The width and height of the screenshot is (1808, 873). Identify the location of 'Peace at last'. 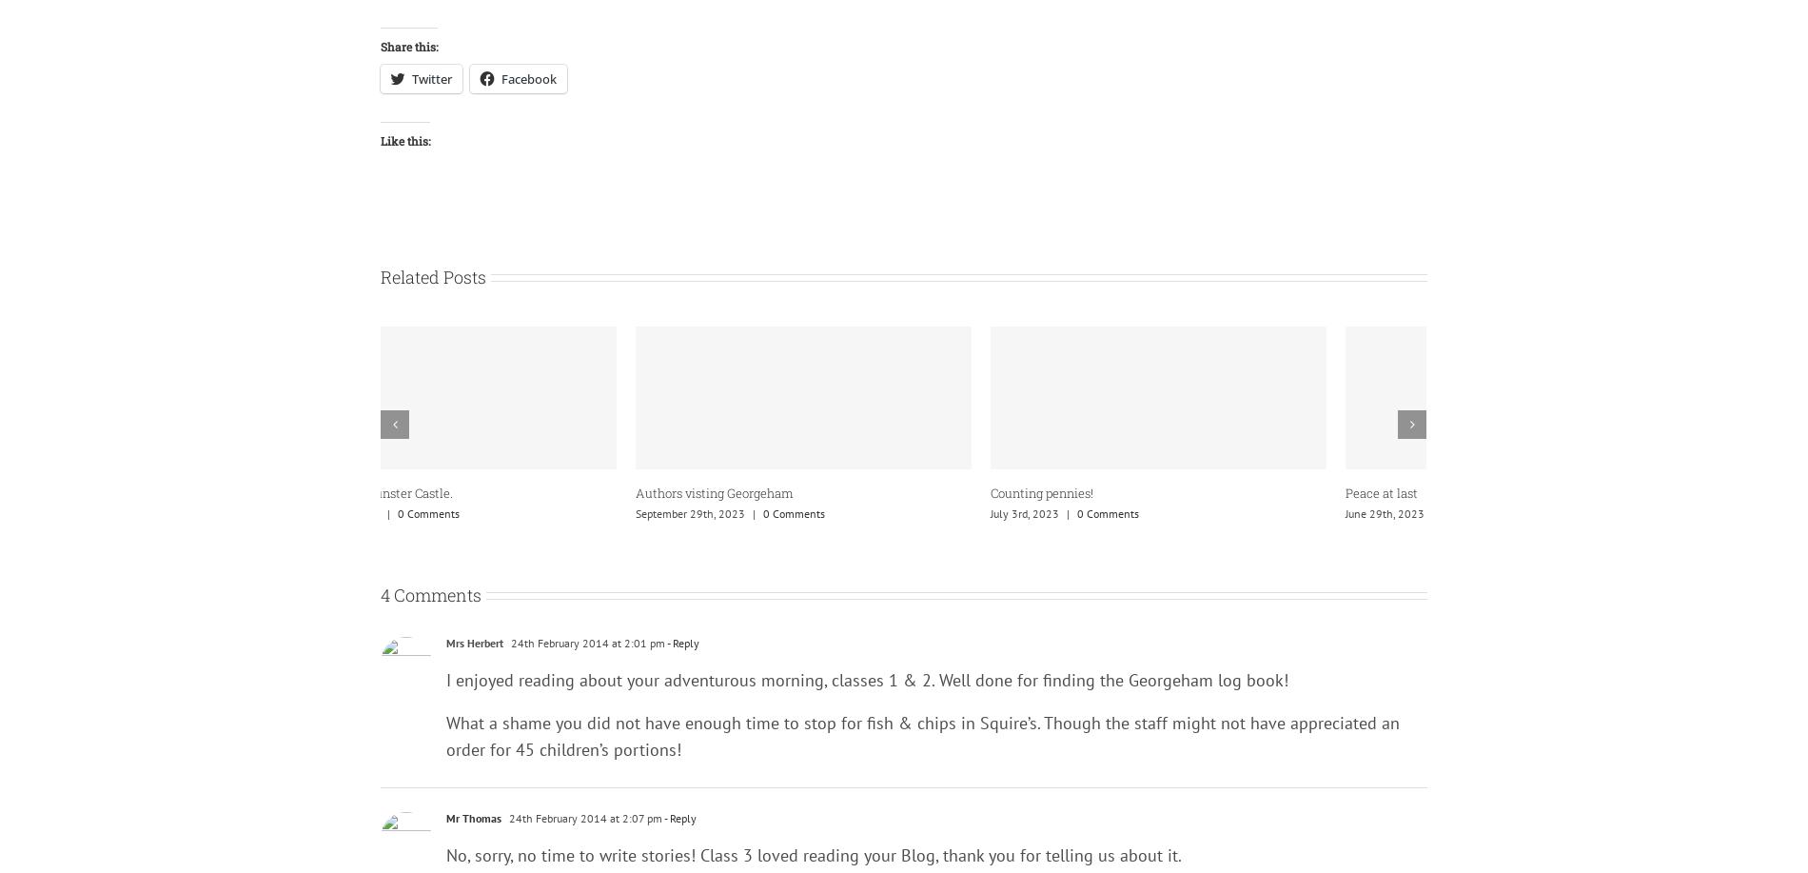
(415, 491).